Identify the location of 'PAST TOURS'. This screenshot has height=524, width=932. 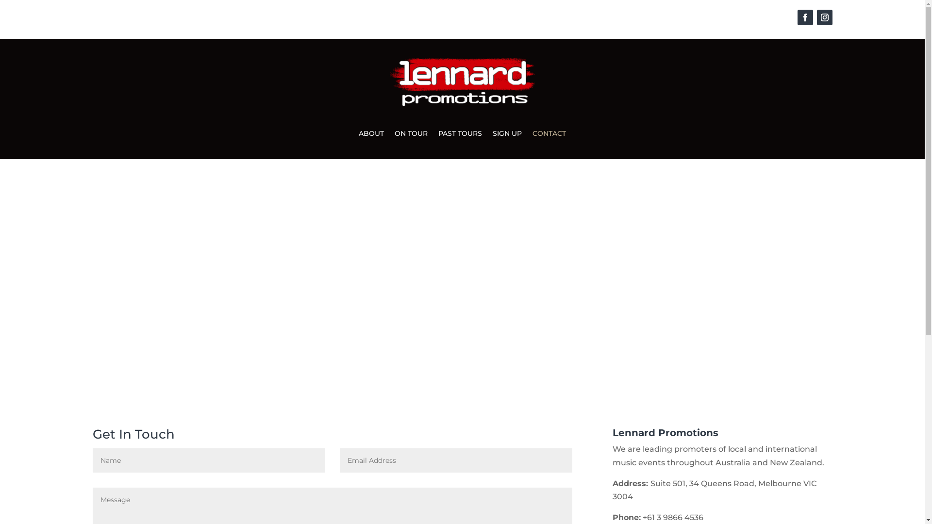
(460, 135).